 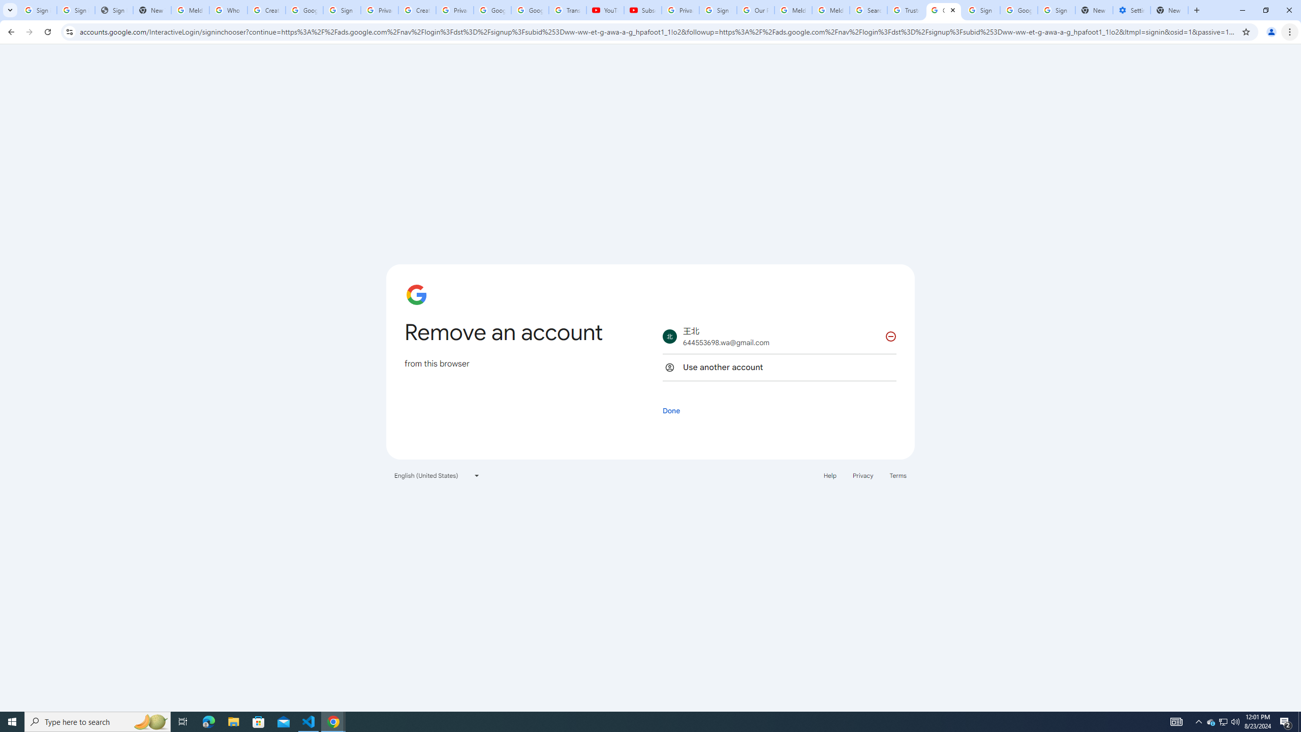 What do you see at coordinates (605, 10) in the screenshot?
I see `'YouTube'` at bounding box center [605, 10].